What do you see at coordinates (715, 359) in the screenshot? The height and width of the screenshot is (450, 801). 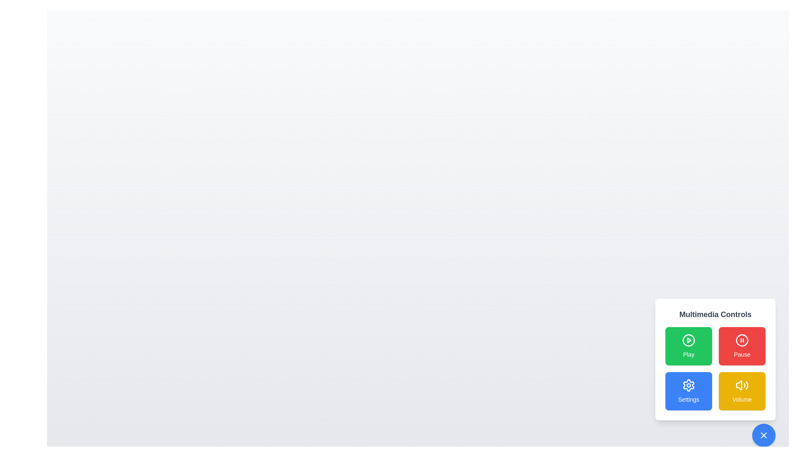 I see `the green 'Play' button located on the Multimedia Controls panel` at bounding box center [715, 359].